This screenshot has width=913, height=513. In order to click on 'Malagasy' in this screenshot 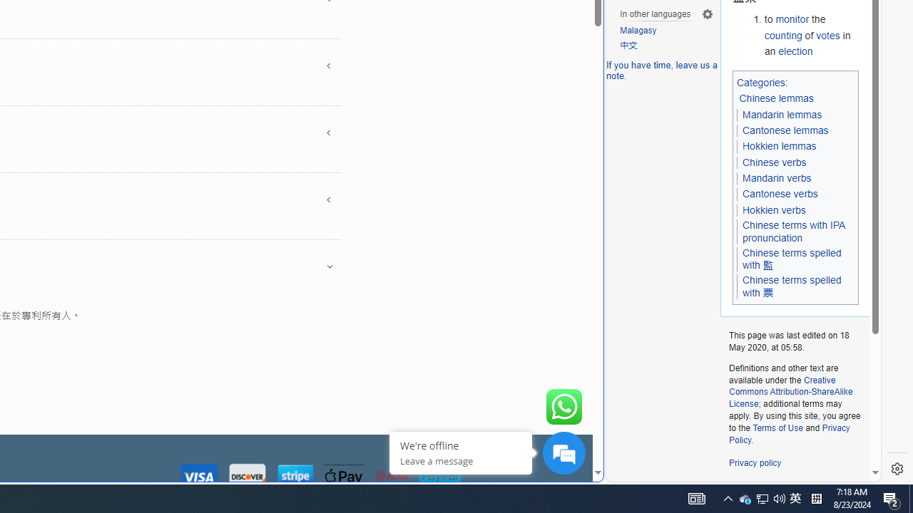, I will do `click(666, 31)`.